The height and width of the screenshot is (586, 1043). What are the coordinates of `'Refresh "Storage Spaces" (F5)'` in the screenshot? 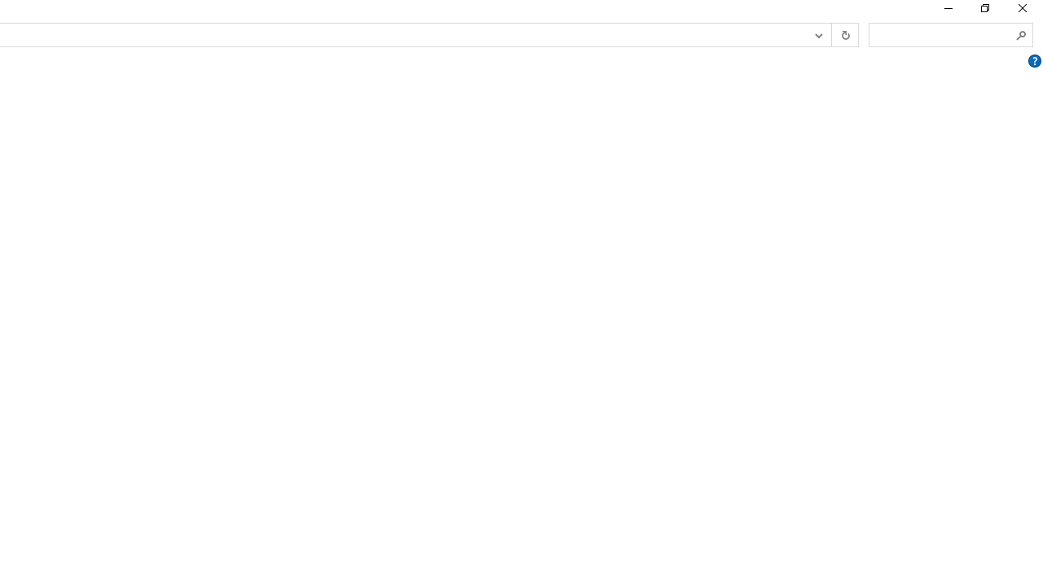 It's located at (844, 35).